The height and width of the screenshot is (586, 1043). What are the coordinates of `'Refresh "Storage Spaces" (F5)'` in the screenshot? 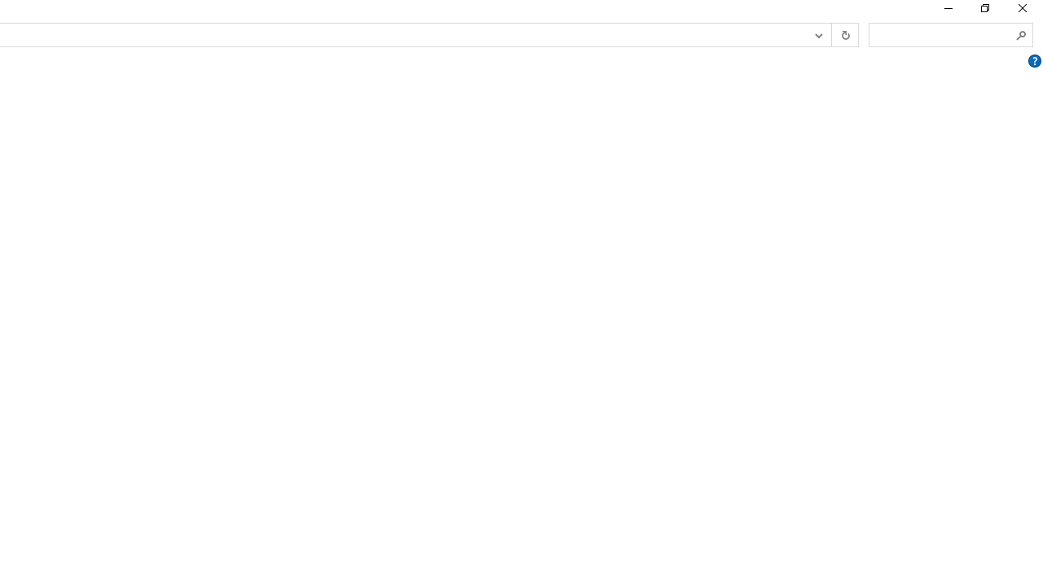 It's located at (844, 35).